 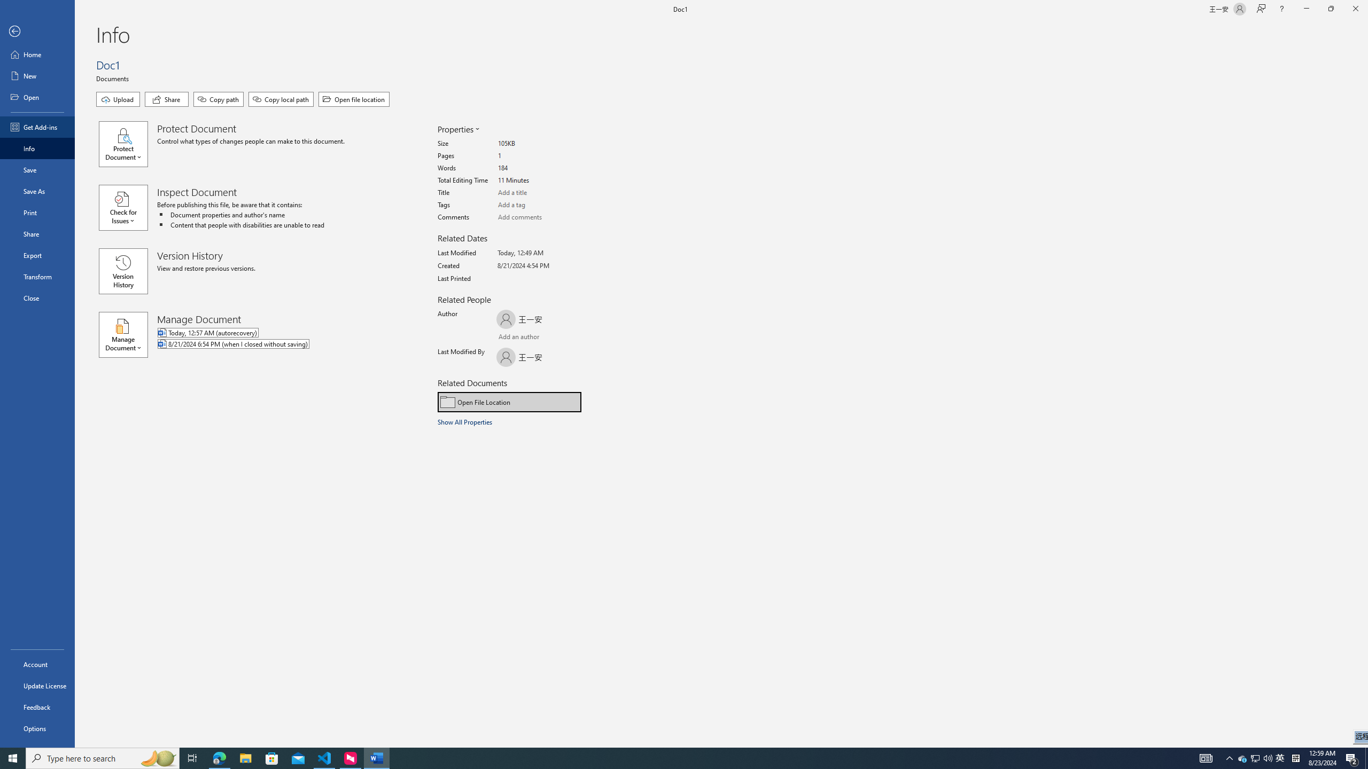 What do you see at coordinates (281, 98) in the screenshot?
I see `'Copy local path'` at bounding box center [281, 98].